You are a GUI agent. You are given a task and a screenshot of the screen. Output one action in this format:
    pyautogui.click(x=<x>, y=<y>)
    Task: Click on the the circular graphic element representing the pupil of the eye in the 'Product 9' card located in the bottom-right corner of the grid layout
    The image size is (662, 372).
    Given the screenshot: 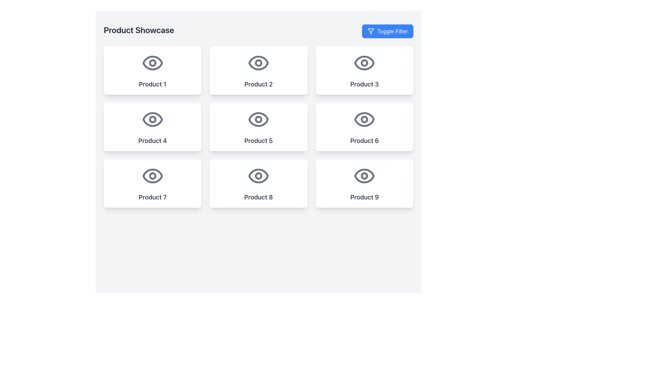 What is the action you would take?
    pyautogui.click(x=364, y=175)
    